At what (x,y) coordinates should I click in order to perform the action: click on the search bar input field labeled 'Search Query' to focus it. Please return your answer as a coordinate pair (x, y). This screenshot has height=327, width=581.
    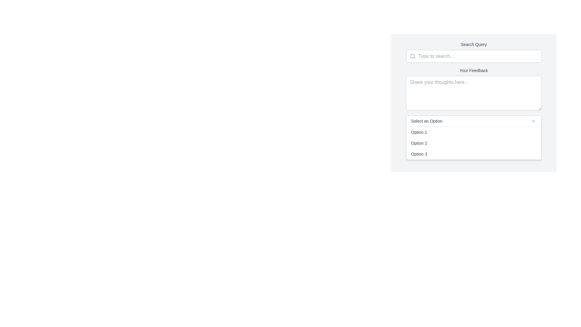
    Looking at the image, I should click on (473, 52).